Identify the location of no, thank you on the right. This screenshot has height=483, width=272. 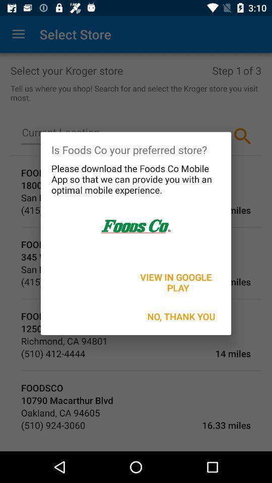
(181, 316).